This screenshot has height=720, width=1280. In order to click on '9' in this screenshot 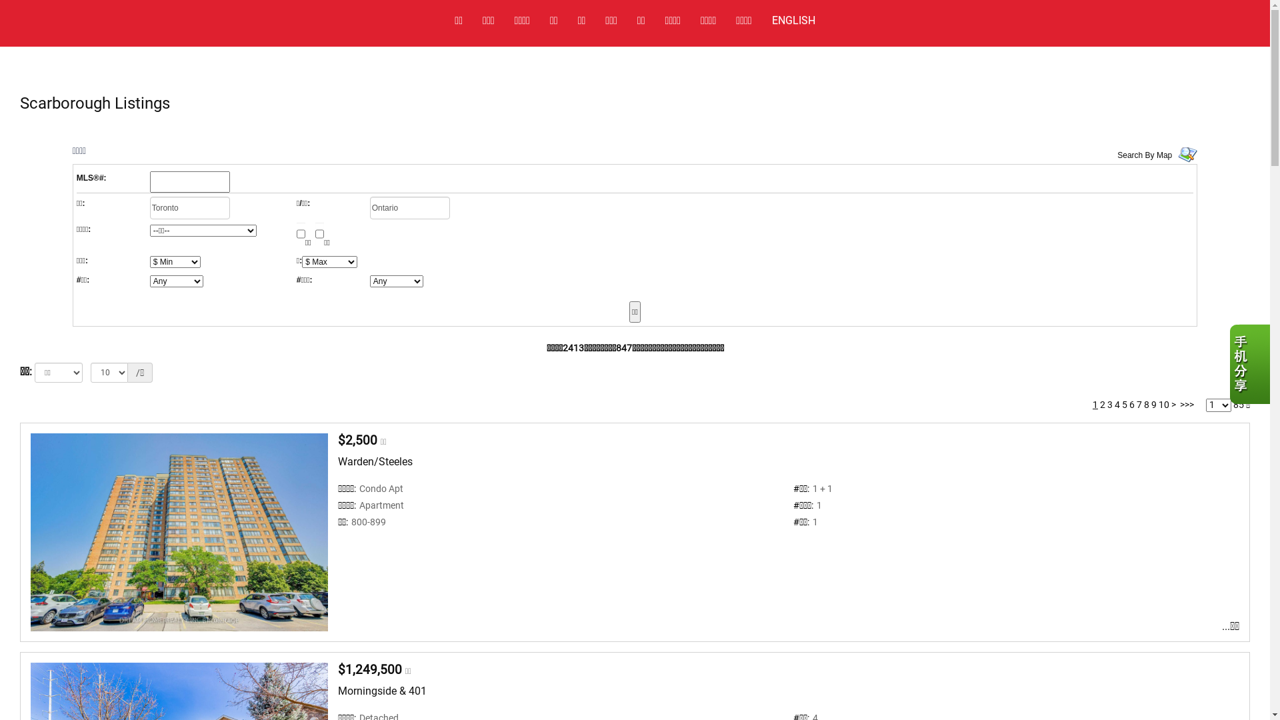, I will do `click(1153, 403)`.